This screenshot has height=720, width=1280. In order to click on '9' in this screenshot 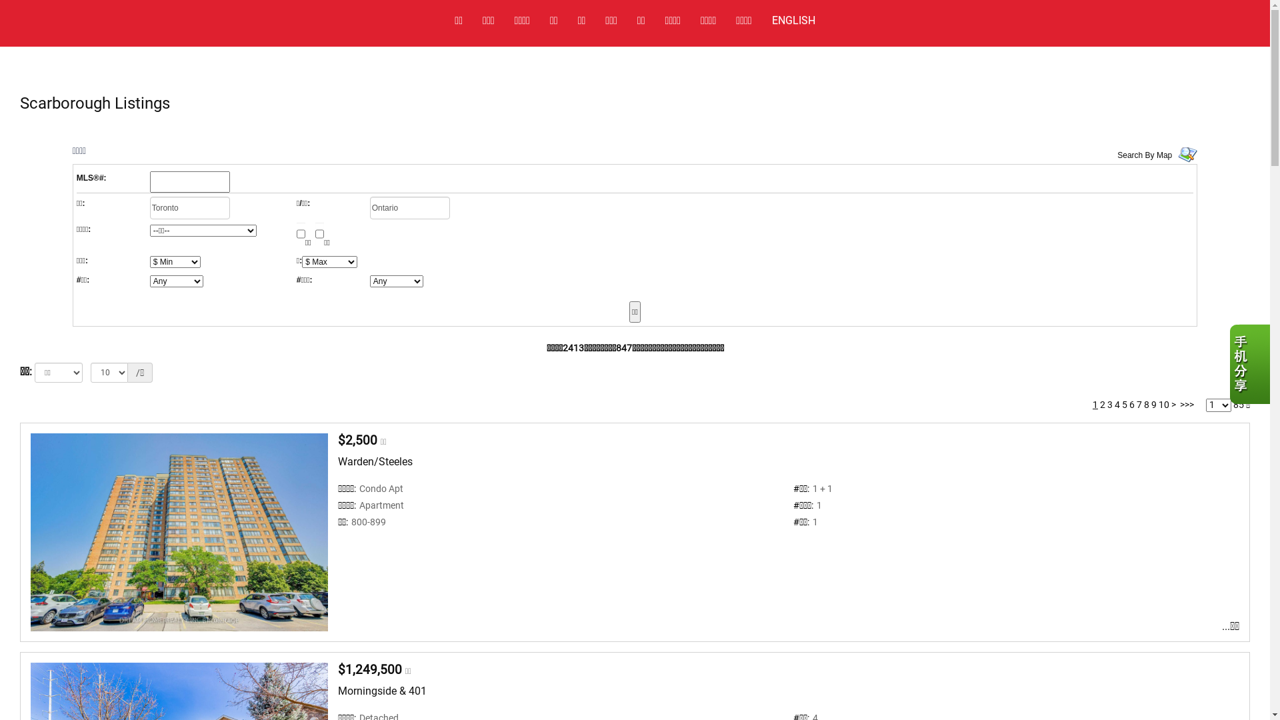, I will do `click(1153, 403)`.